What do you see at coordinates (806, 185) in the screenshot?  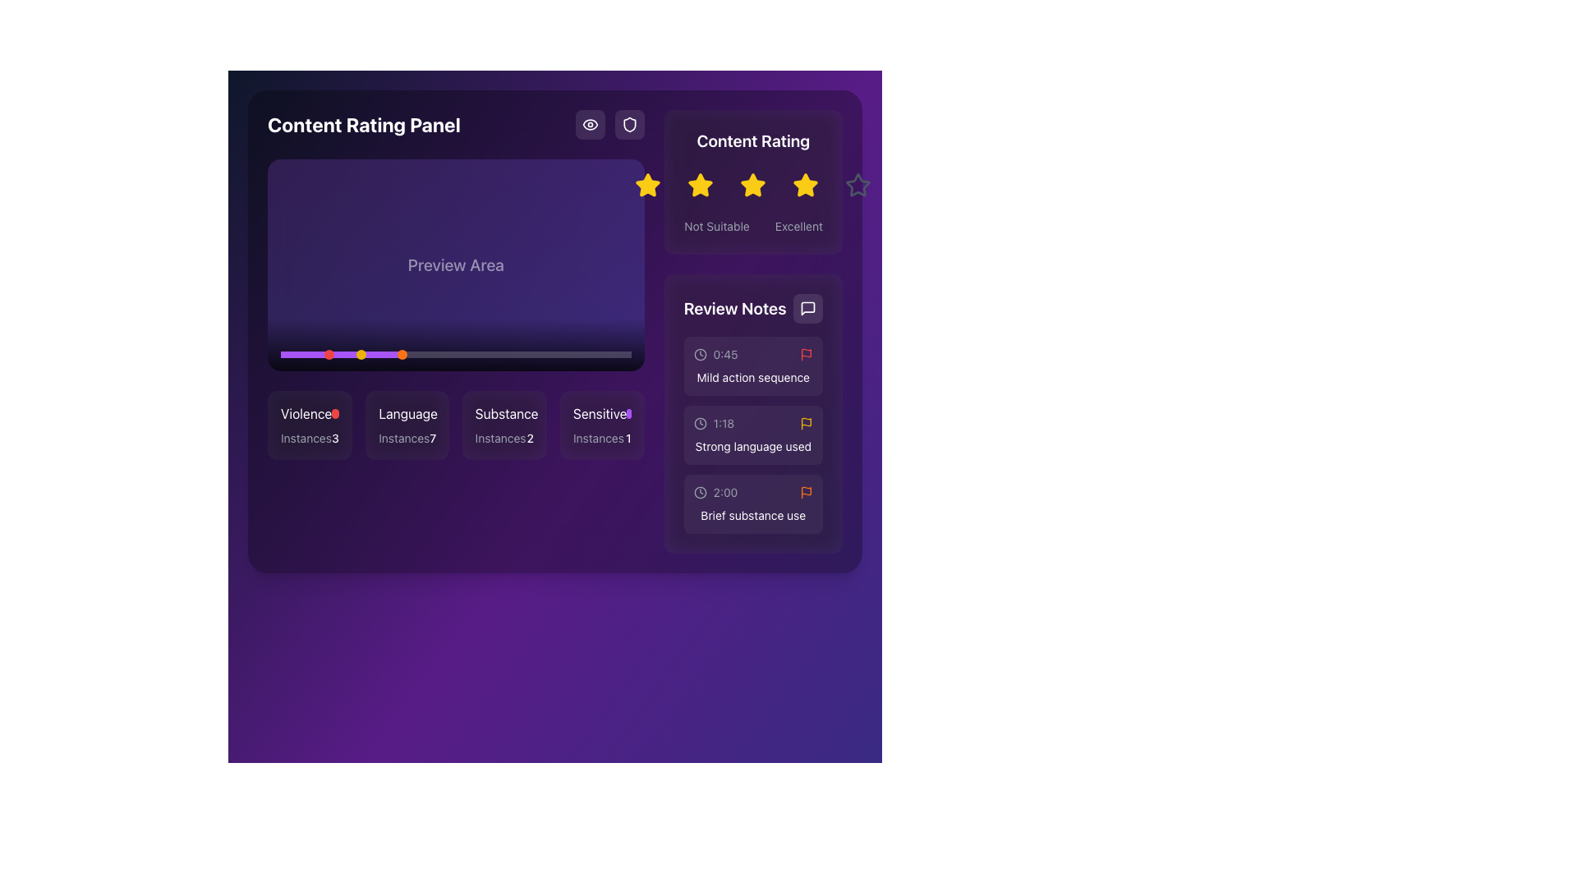 I see `the fifth star in the 'Content Rating' section` at bounding box center [806, 185].